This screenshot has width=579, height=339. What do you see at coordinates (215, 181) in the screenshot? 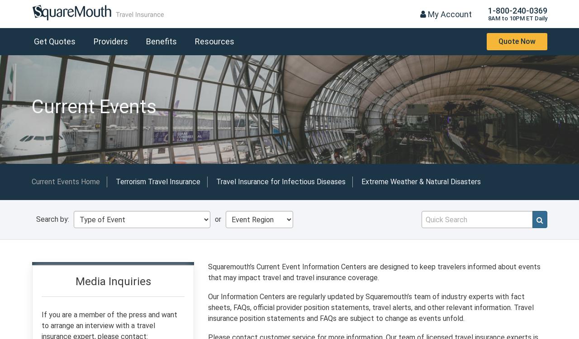
I see `'Travel Insurance for Infectious Diseases'` at bounding box center [215, 181].